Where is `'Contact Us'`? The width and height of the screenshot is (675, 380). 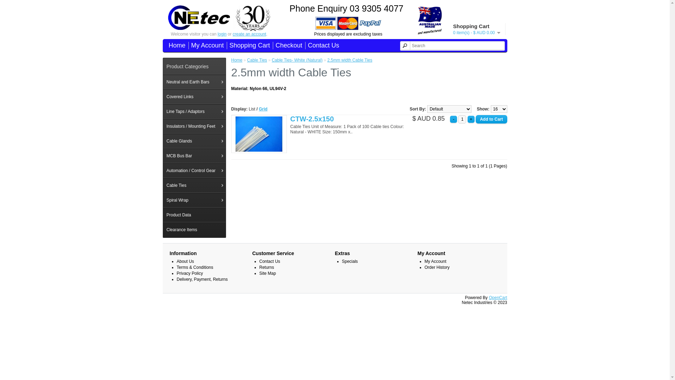 'Contact Us' is located at coordinates (322, 45).